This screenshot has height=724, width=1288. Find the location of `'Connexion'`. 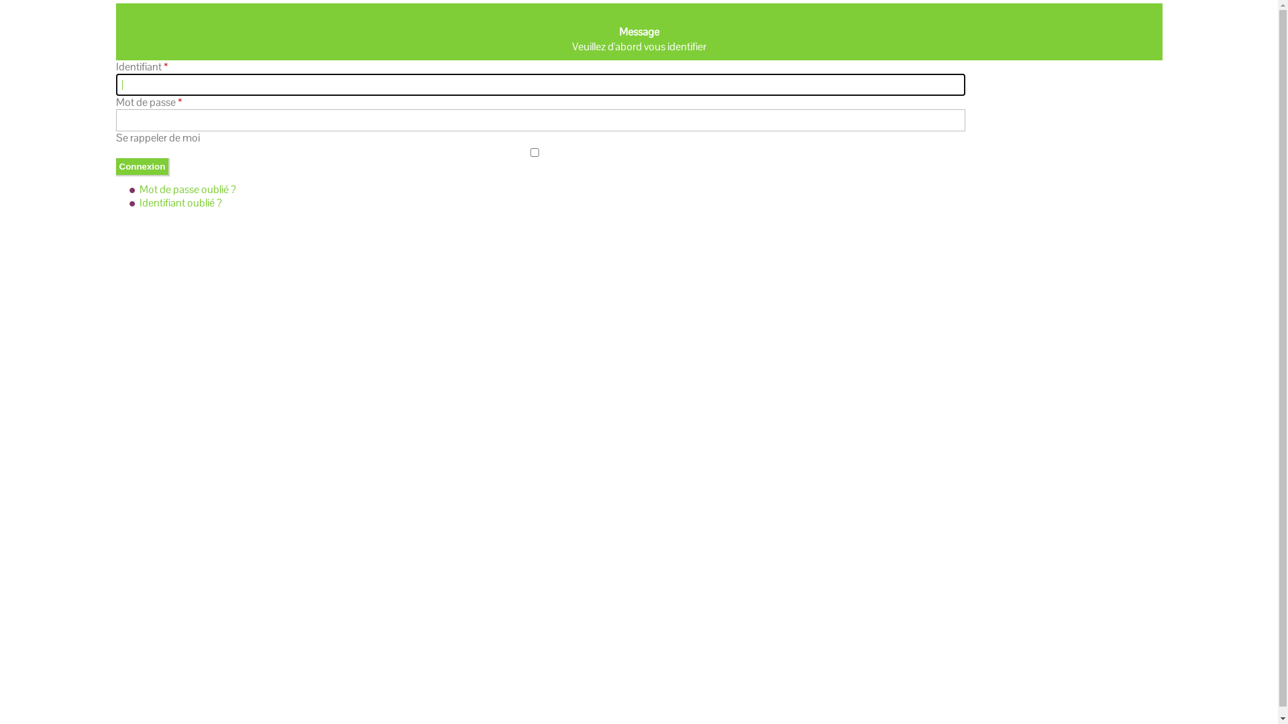

'Connexion' is located at coordinates (142, 166).